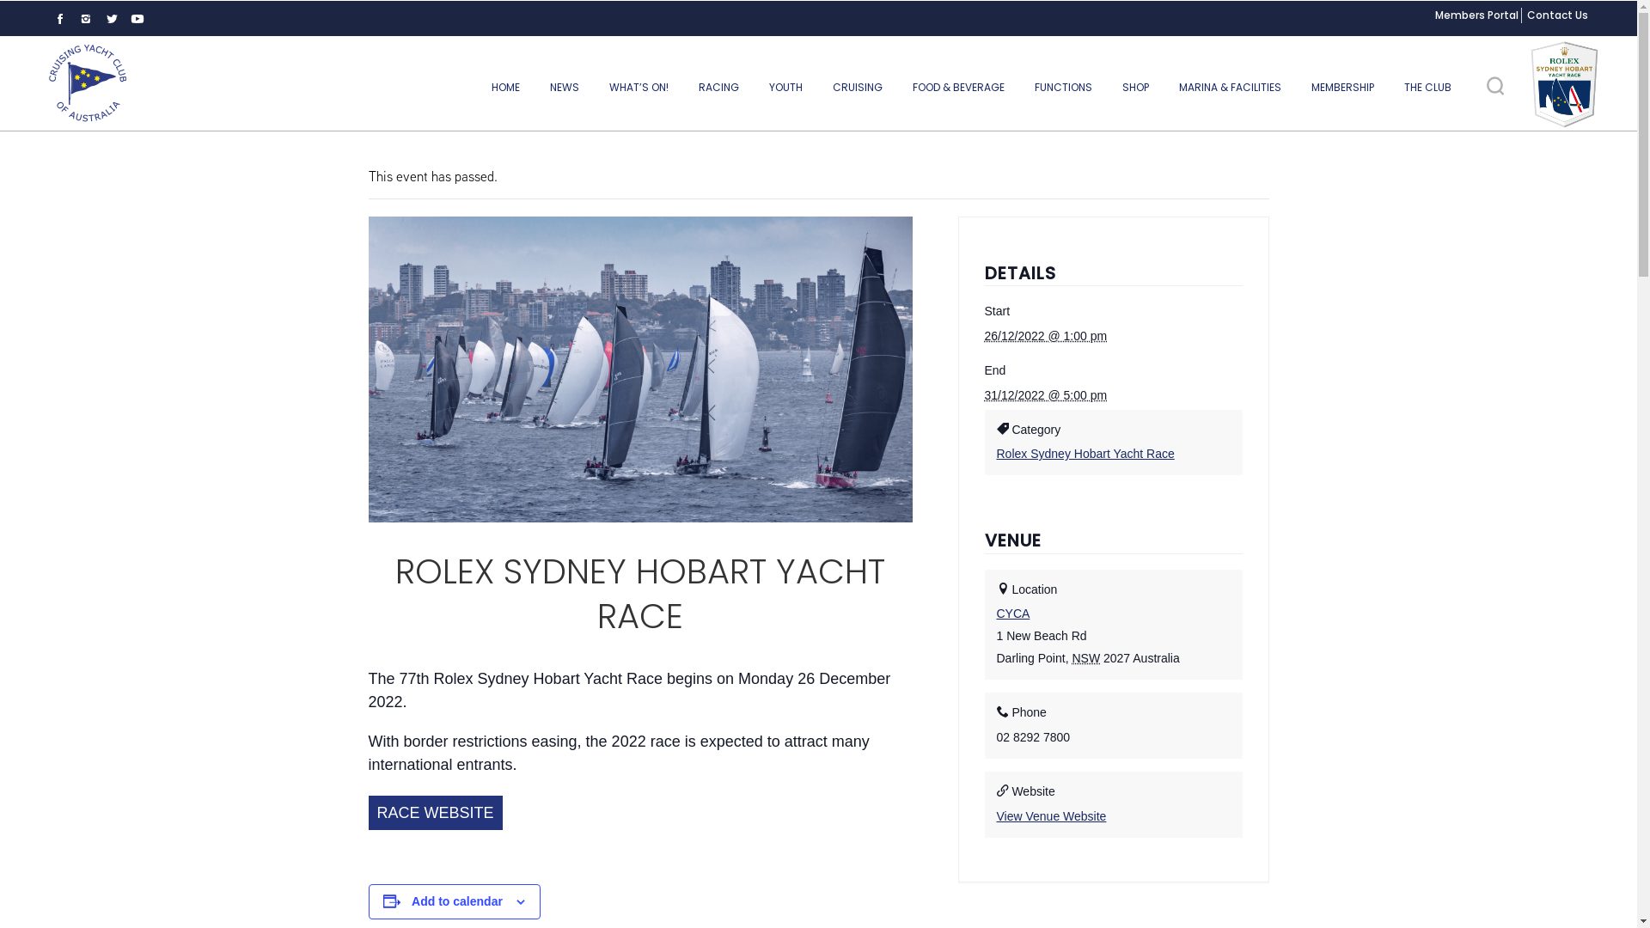 Image resolution: width=1650 pixels, height=928 pixels. What do you see at coordinates (60, 19) in the screenshot?
I see `'Visit our Facebook page'` at bounding box center [60, 19].